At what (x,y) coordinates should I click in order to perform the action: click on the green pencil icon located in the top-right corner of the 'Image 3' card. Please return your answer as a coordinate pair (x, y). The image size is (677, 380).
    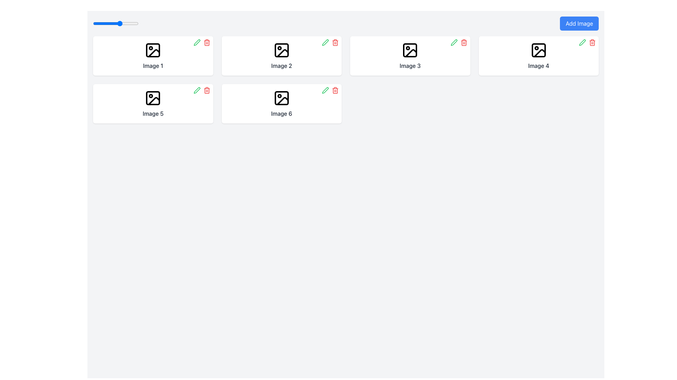
    Looking at the image, I should click on (454, 42).